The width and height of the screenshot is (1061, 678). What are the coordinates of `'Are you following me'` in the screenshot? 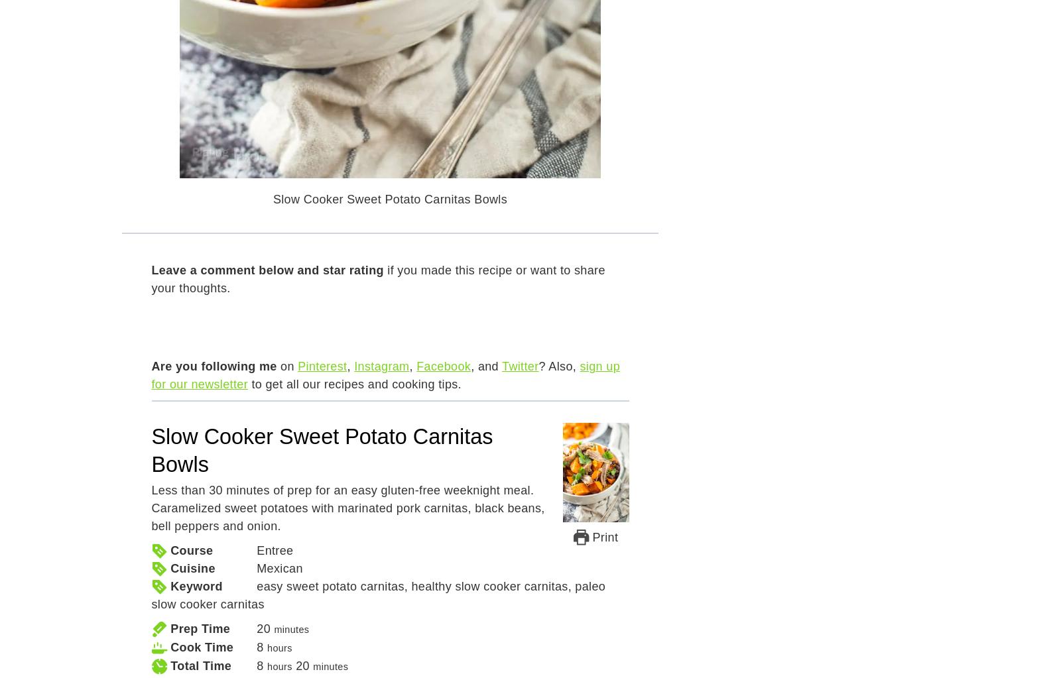 It's located at (216, 367).